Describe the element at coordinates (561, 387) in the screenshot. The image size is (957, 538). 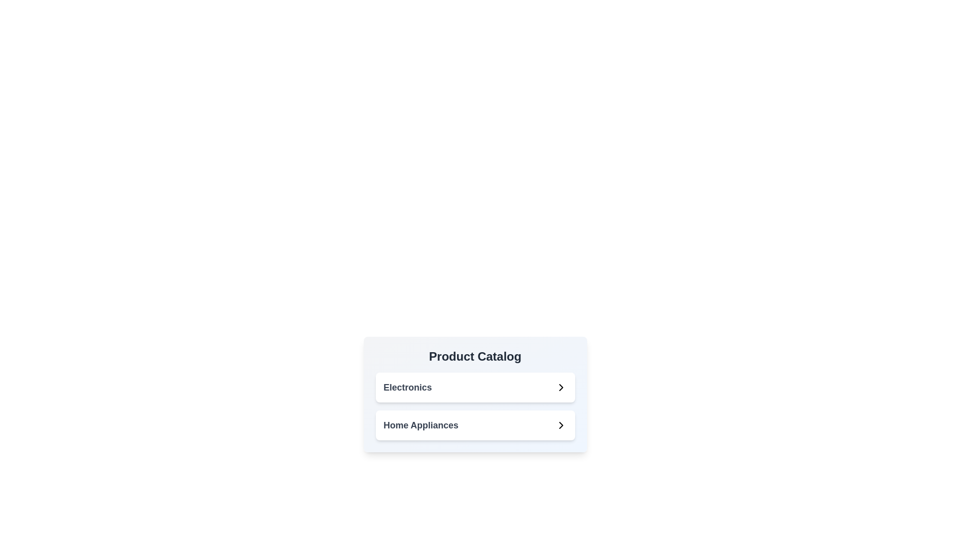
I see `the Chevron-Right icon located on the right side of the 'Electronics' list item` at that location.